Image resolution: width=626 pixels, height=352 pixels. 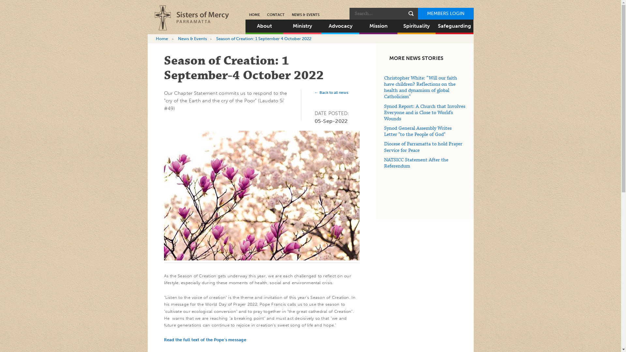 What do you see at coordinates (378, 26) in the screenshot?
I see `'Mission'` at bounding box center [378, 26].